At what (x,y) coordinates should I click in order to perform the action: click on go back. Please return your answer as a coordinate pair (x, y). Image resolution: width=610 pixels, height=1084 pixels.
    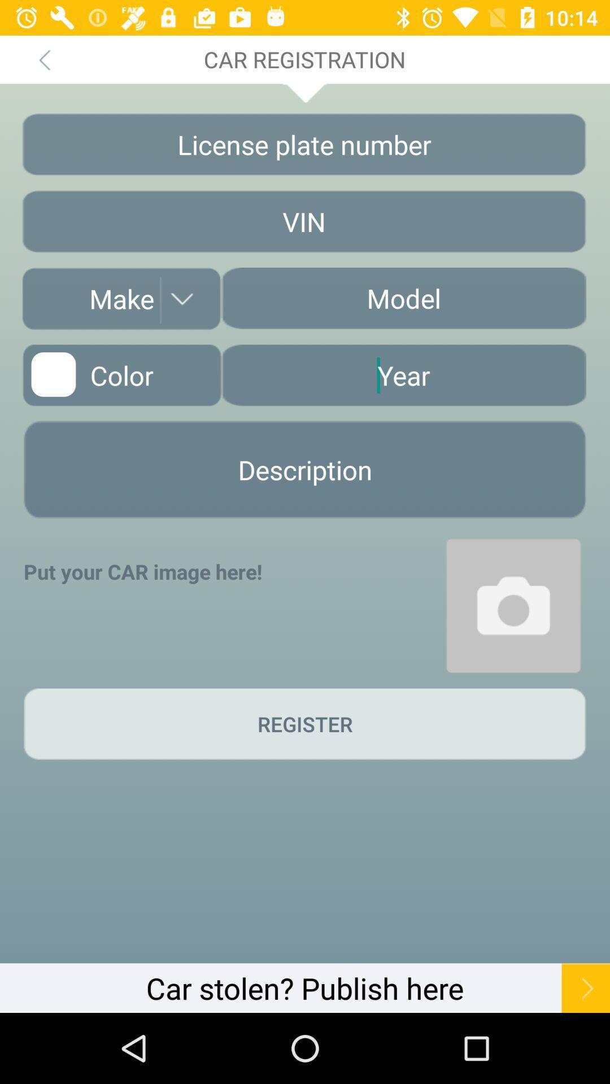
    Looking at the image, I should click on (43, 59).